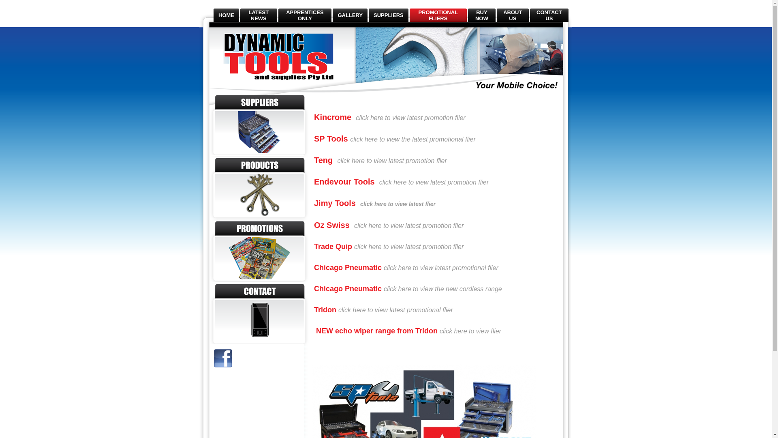 This screenshot has width=778, height=438. I want to click on 'click here to view latest flier', so click(359, 204).